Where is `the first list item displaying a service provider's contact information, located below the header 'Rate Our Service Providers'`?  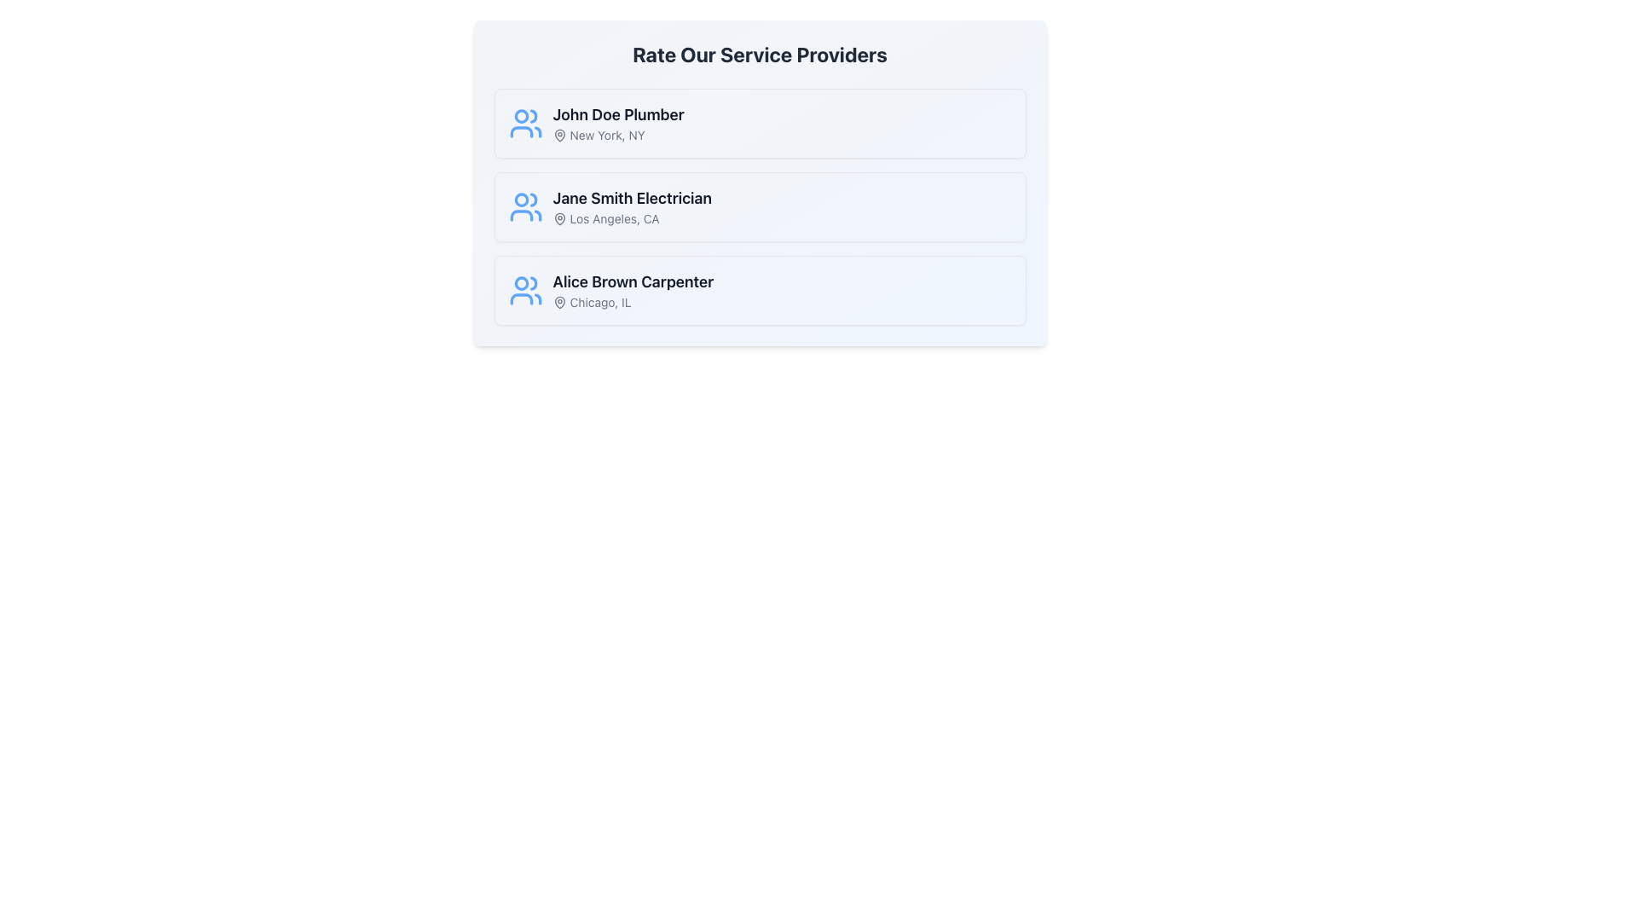
the first list item displaying a service provider's contact information, located below the header 'Rate Our Service Providers' is located at coordinates (759, 123).